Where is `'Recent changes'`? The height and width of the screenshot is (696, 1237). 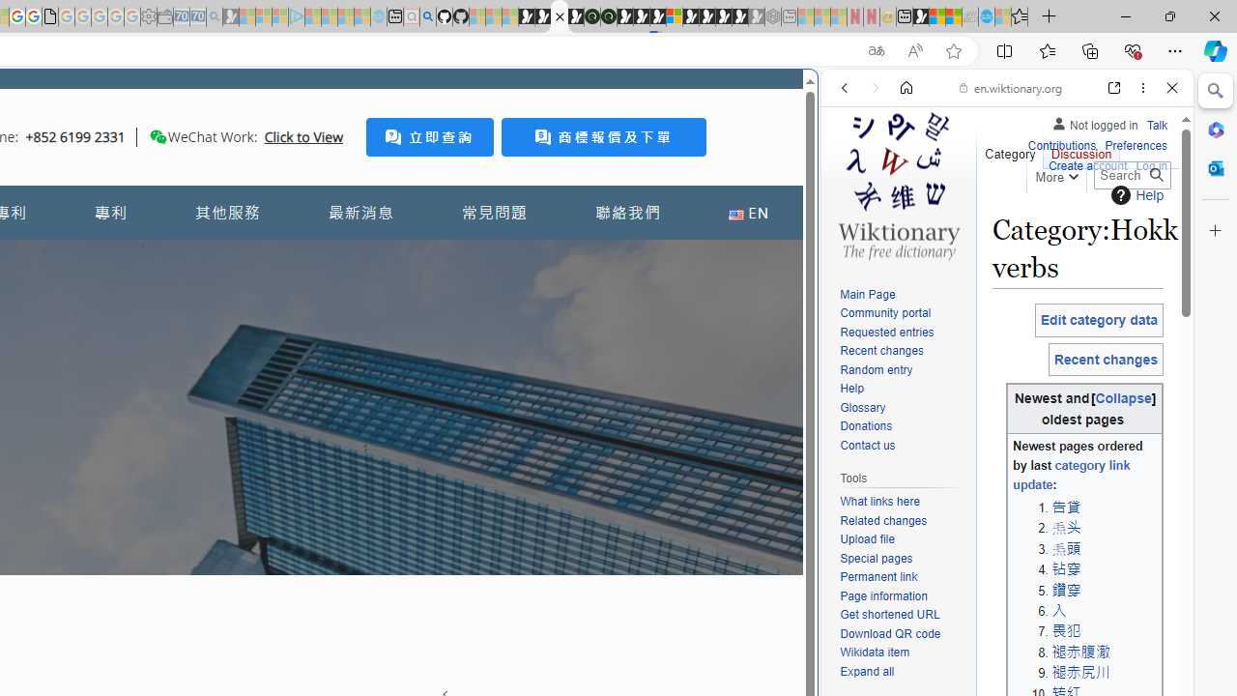 'Recent changes' is located at coordinates (880, 351).